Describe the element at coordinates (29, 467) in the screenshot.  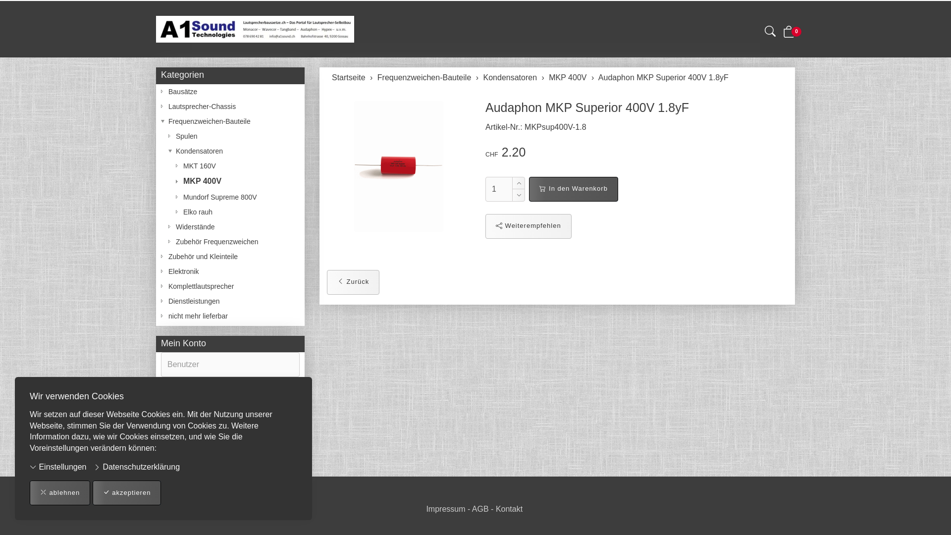
I see `'Einstellungen'` at that location.